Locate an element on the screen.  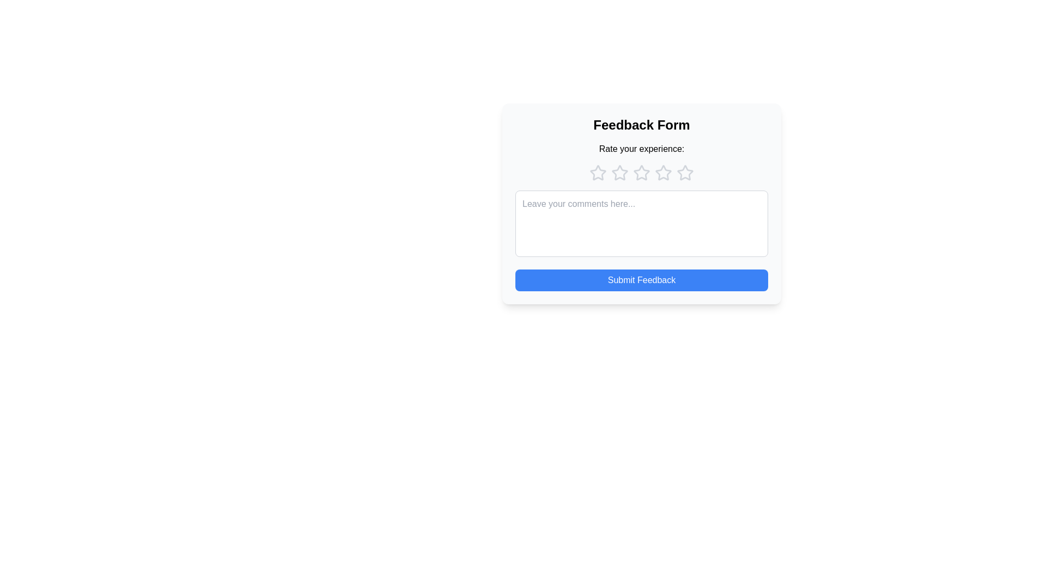
the first star icon in the five-star rating options is located at coordinates (598, 172).